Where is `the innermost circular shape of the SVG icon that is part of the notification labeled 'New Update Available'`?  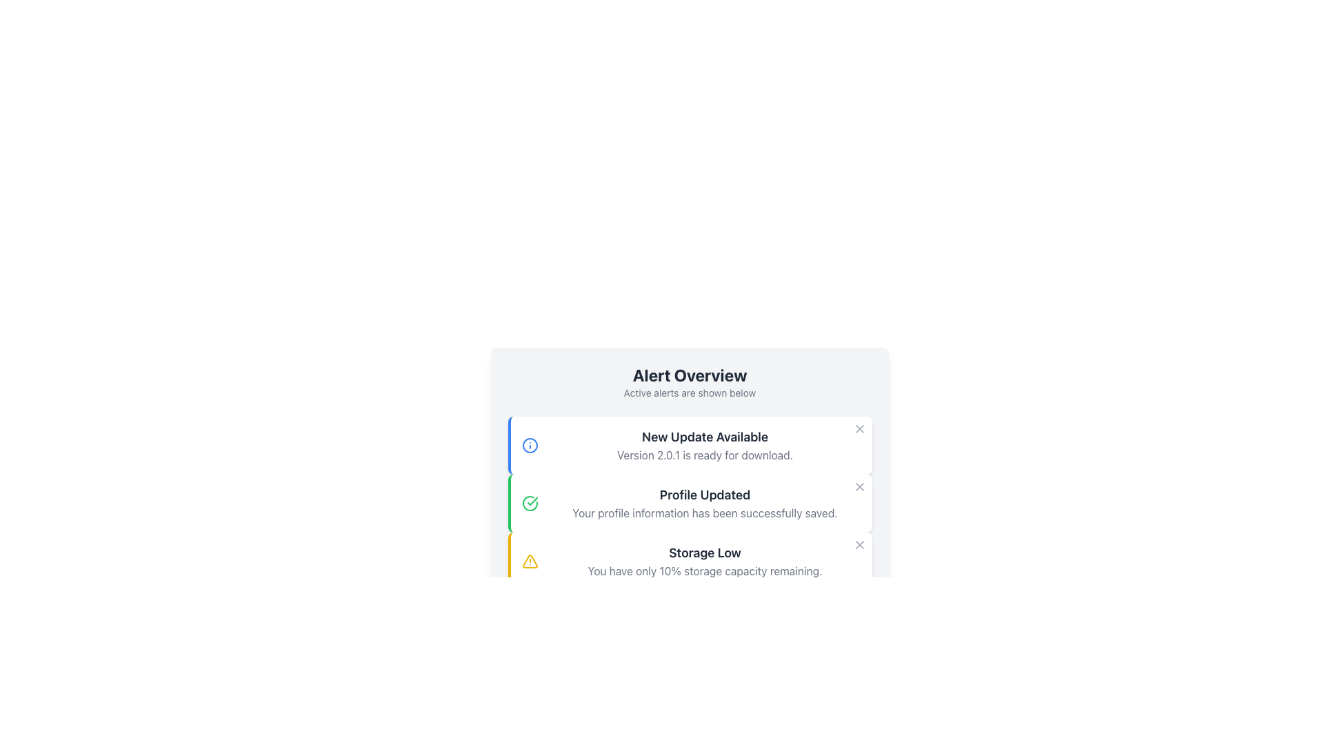
the innermost circular shape of the SVG icon that is part of the notification labeled 'New Update Available' is located at coordinates (529, 445).